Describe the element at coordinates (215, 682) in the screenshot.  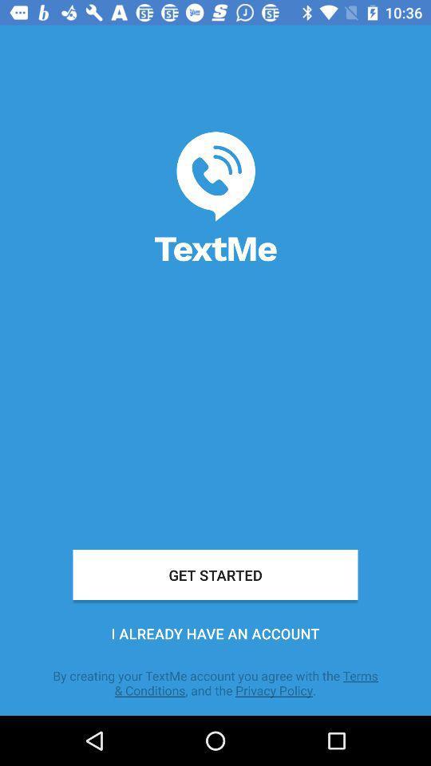
I see `the icon below i already have item` at that location.